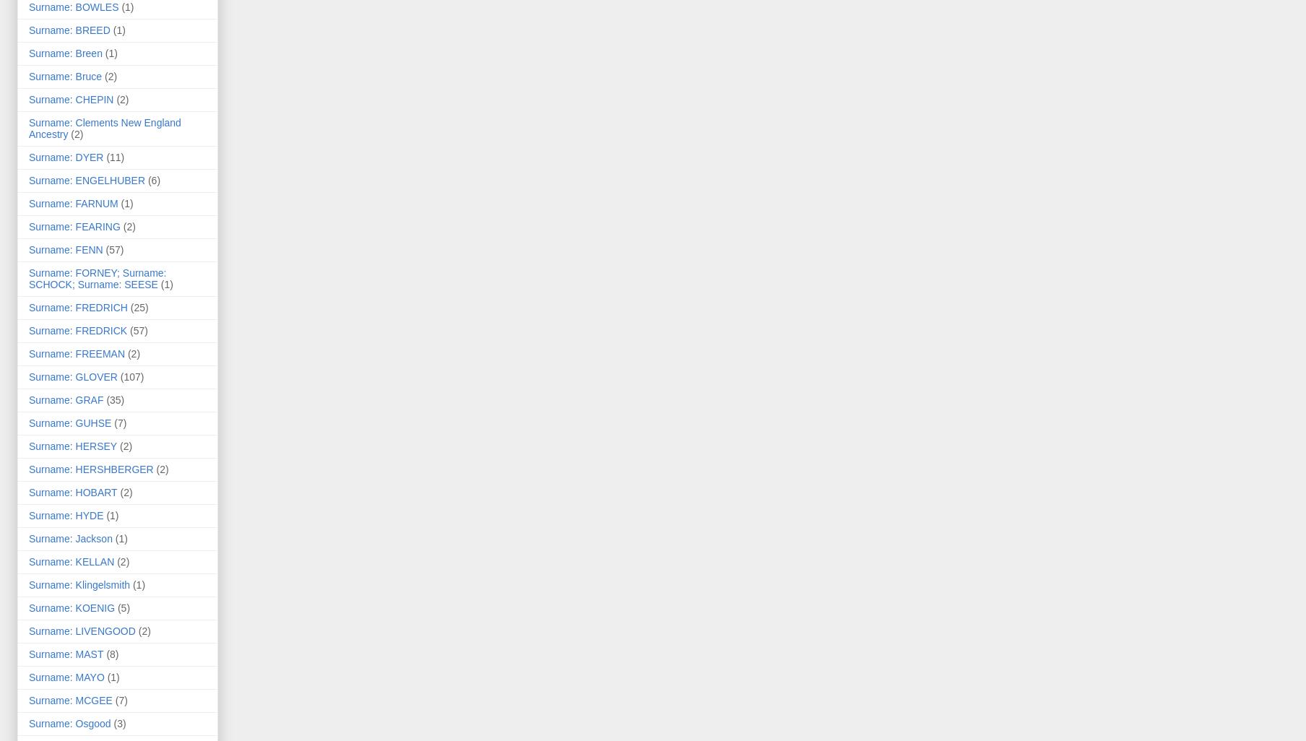 The width and height of the screenshot is (1306, 741). What do you see at coordinates (28, 491) in the screenshot?
I see `'Surname: HOBART'` at bounding box center [28, 491].